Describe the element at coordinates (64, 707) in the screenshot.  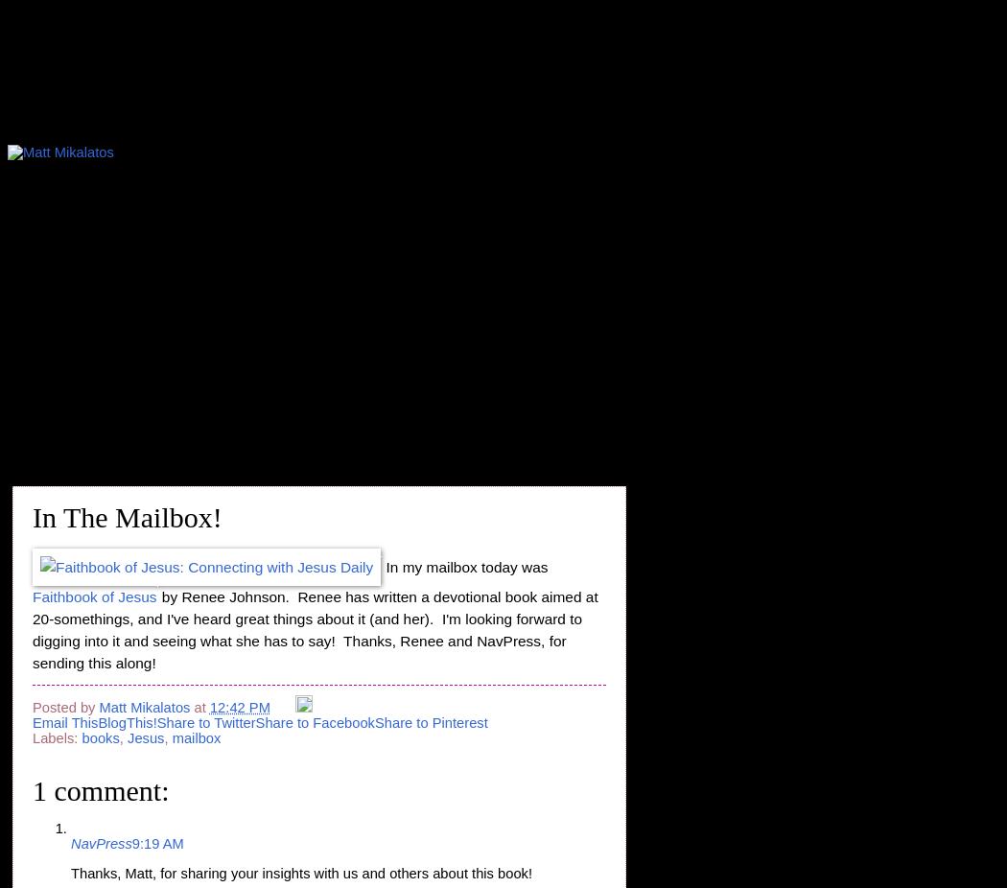
I see `'Posted by'` at that location.